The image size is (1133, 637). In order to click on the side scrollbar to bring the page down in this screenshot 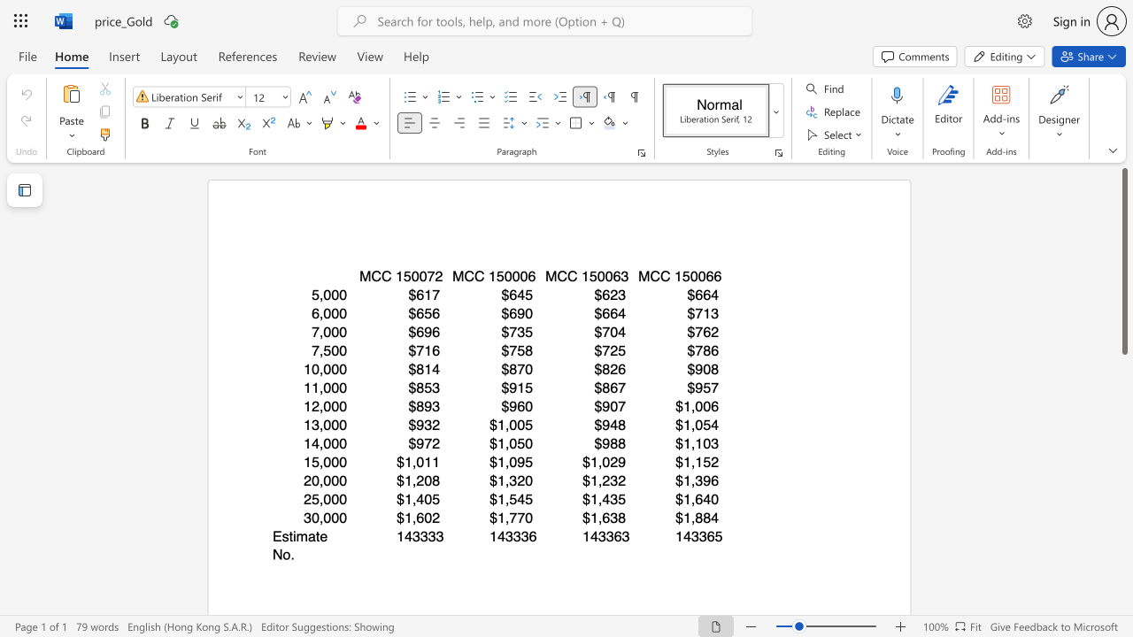, I will do `click(1123, 441)`.